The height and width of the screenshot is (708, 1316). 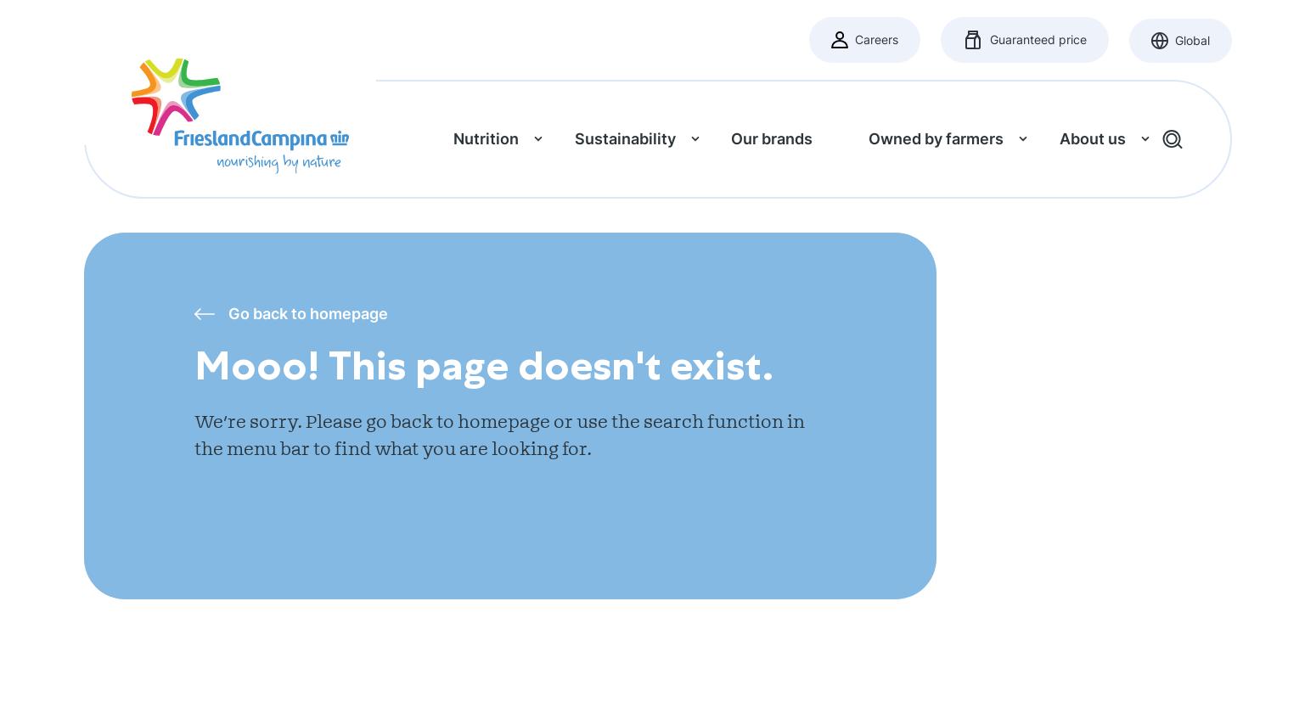 I want to click on 'We're sorry. Please go back to homepage or use the search function in the menu bar to find what you are looking for.', so click(x=193, y=435).